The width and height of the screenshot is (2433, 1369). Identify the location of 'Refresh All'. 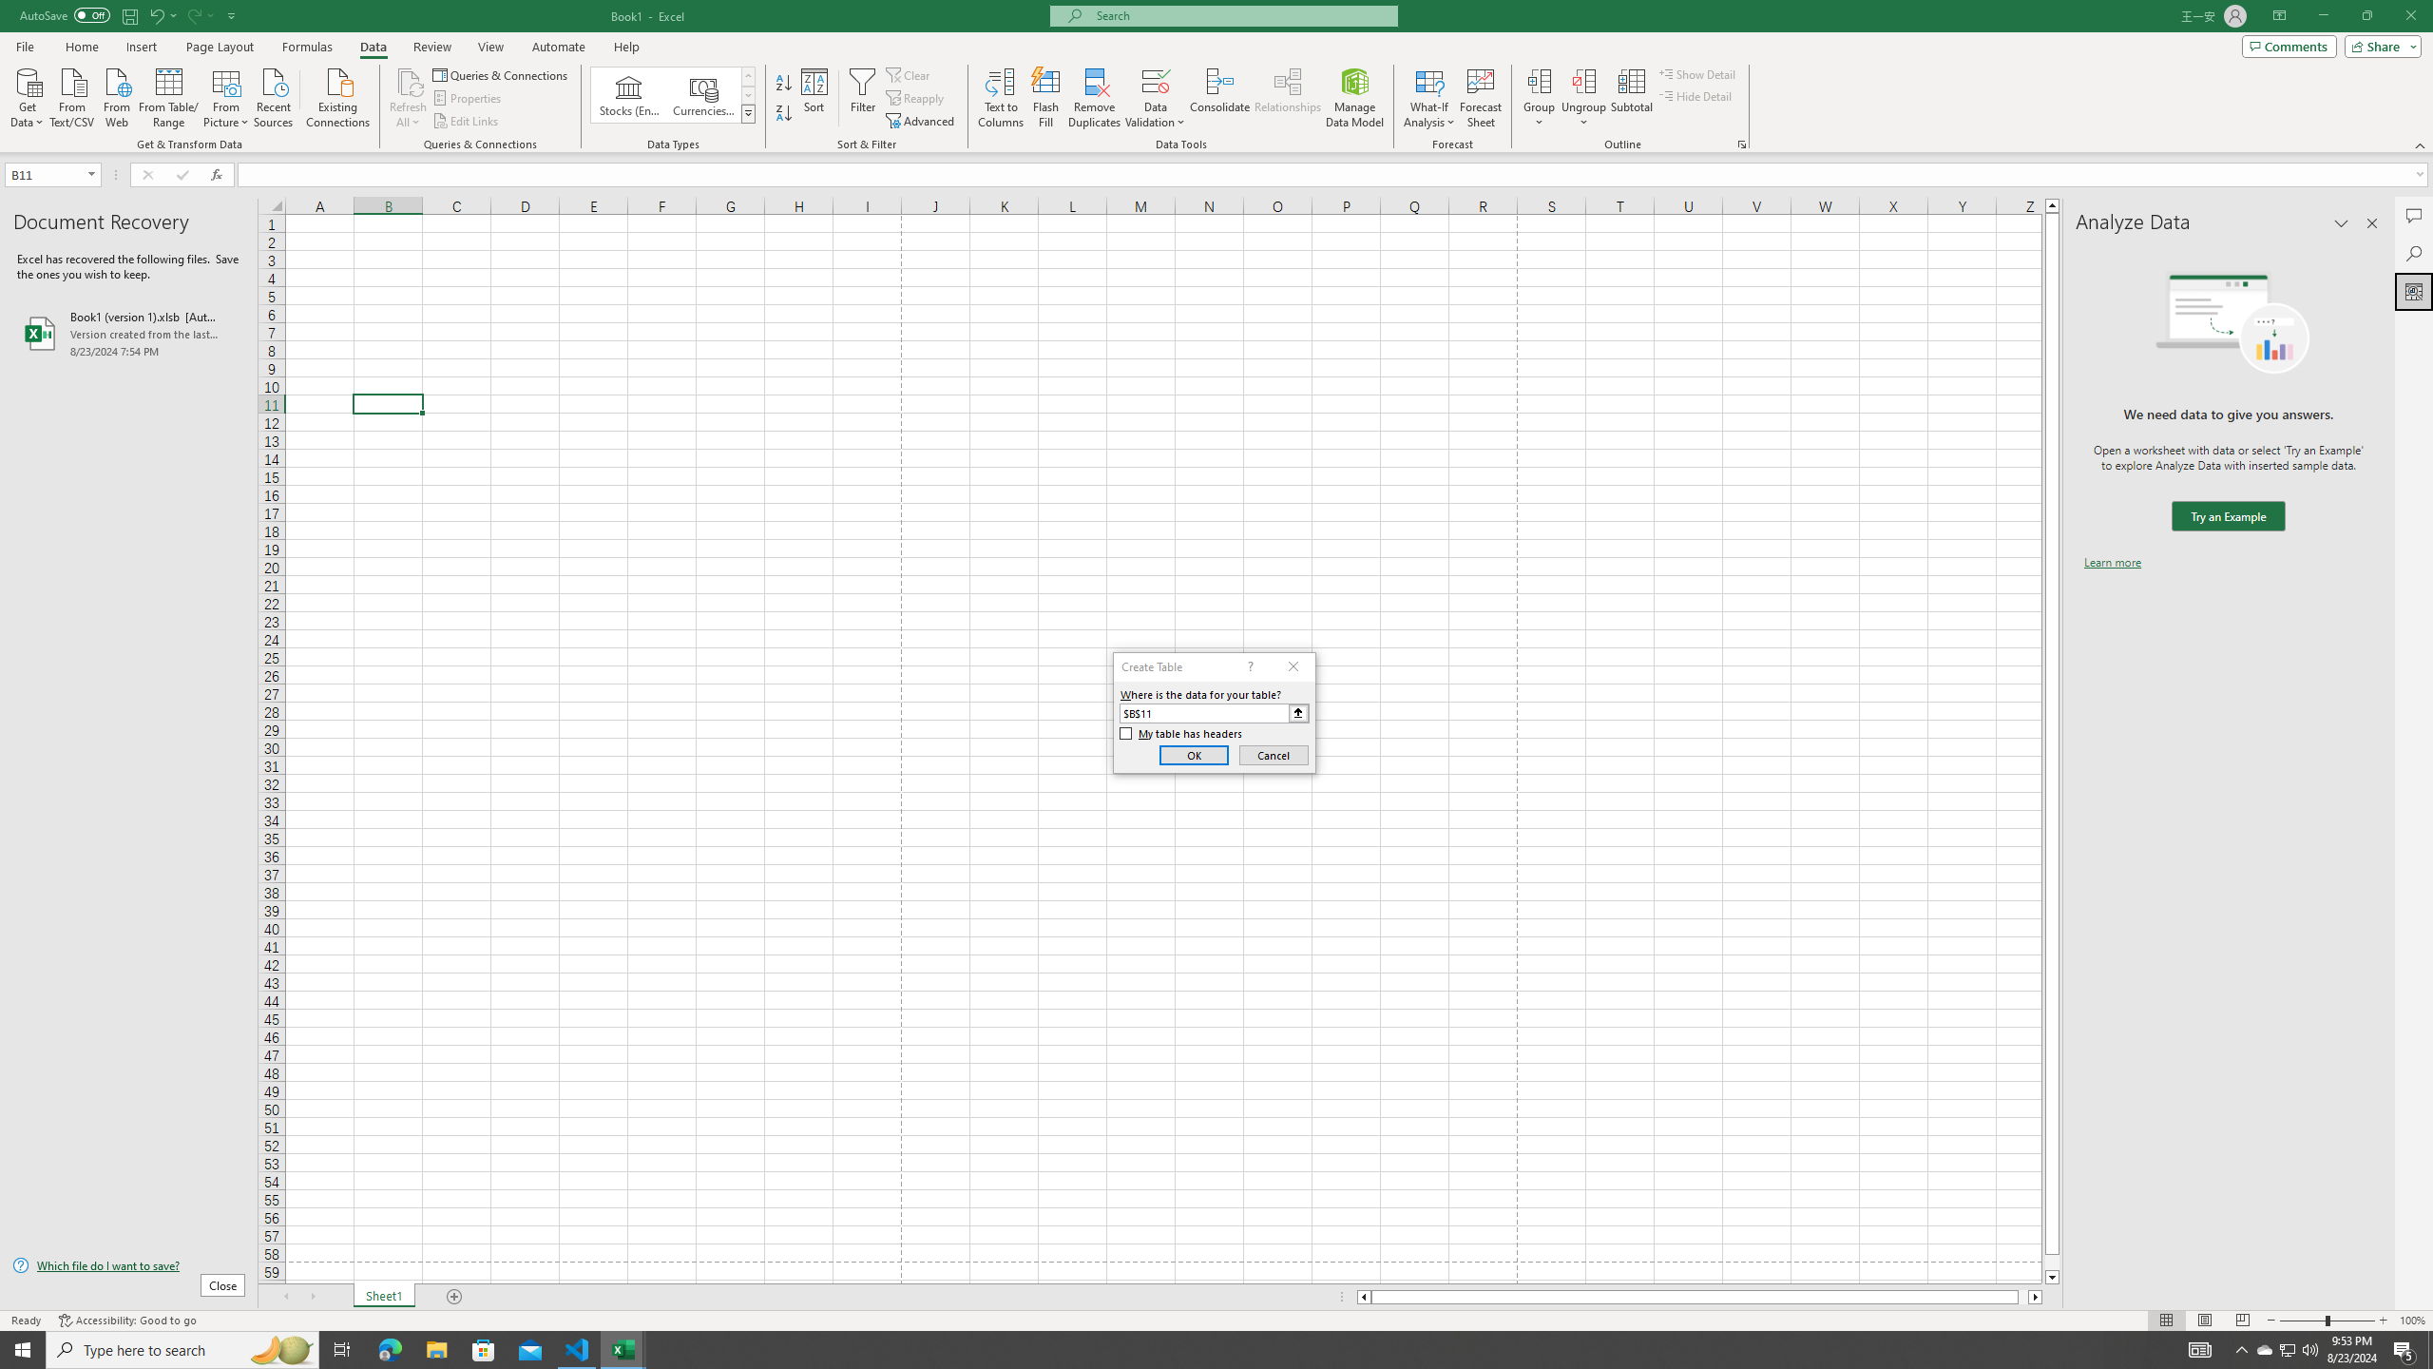
(408, 80).